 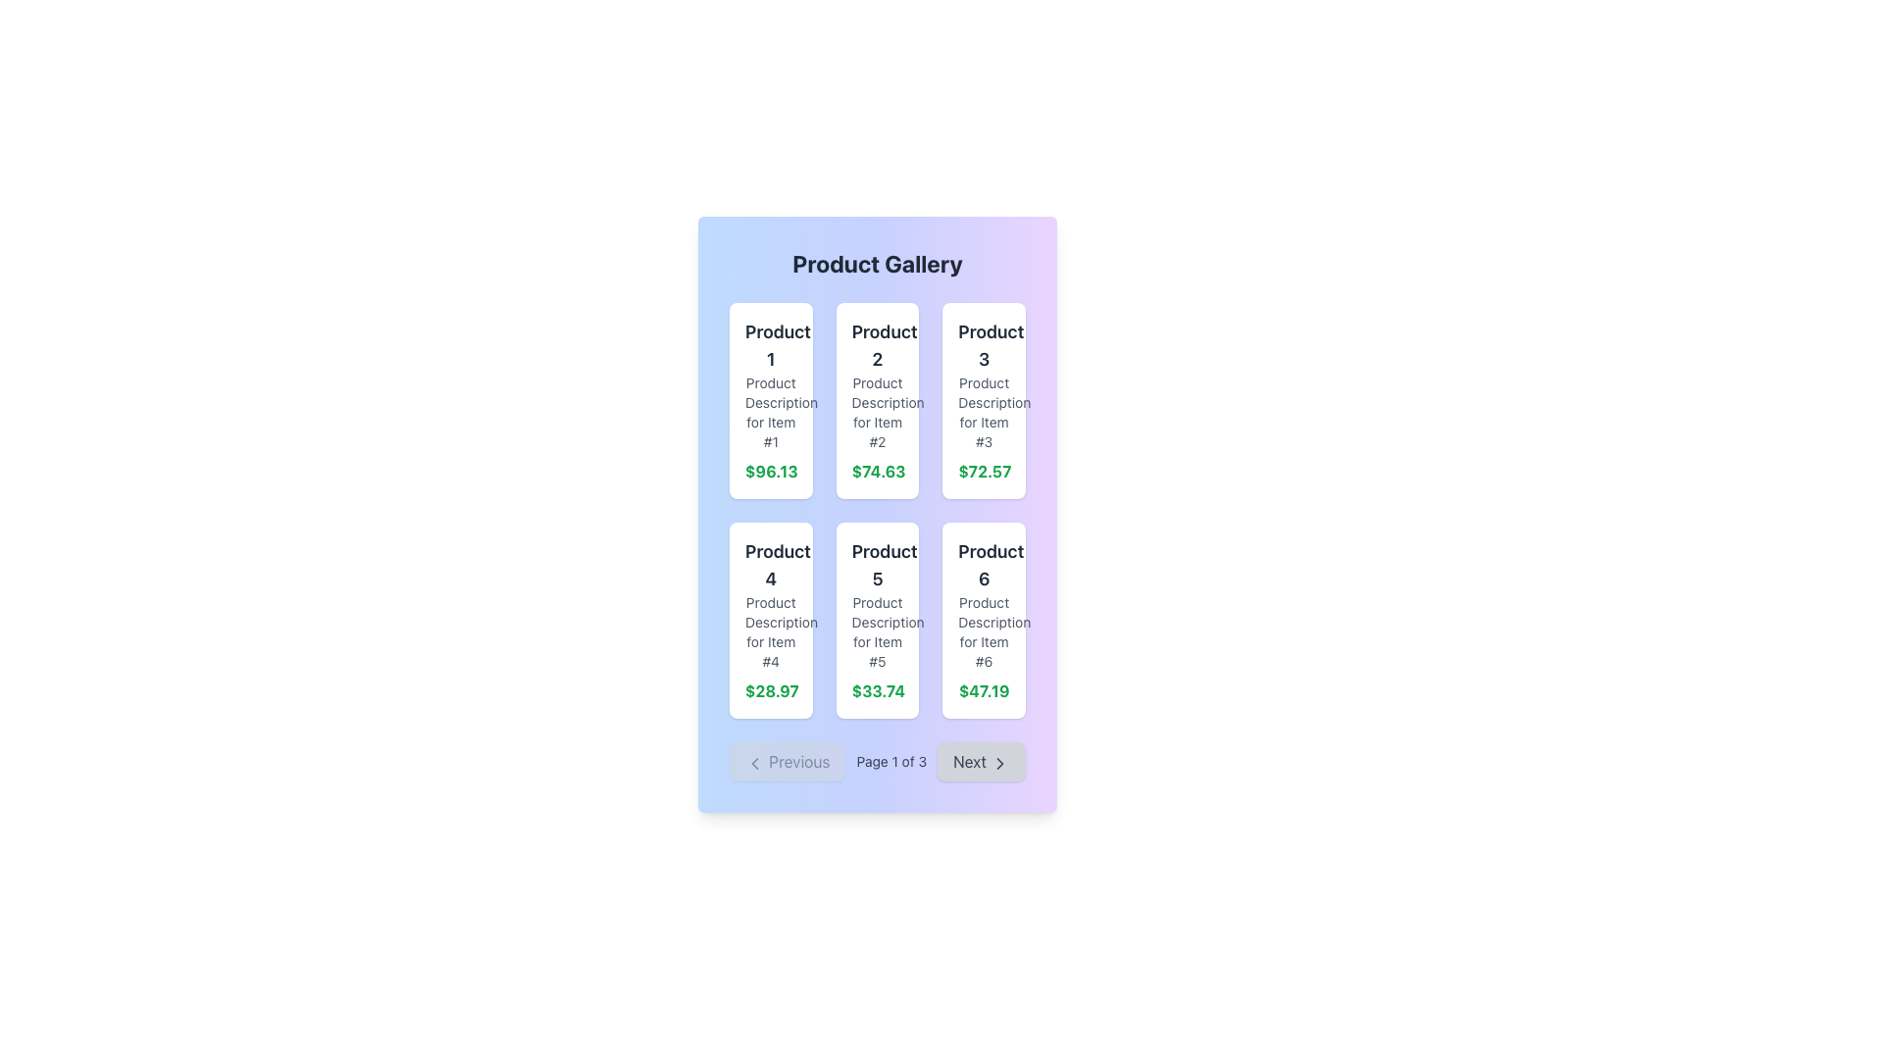 What do you see at coordinates (984, 631) in the screenshot?
I see `the text label that reads 'Product Description for Item #6' located in the bottom-right card of the grid layout` at bounding box center [984, 631].